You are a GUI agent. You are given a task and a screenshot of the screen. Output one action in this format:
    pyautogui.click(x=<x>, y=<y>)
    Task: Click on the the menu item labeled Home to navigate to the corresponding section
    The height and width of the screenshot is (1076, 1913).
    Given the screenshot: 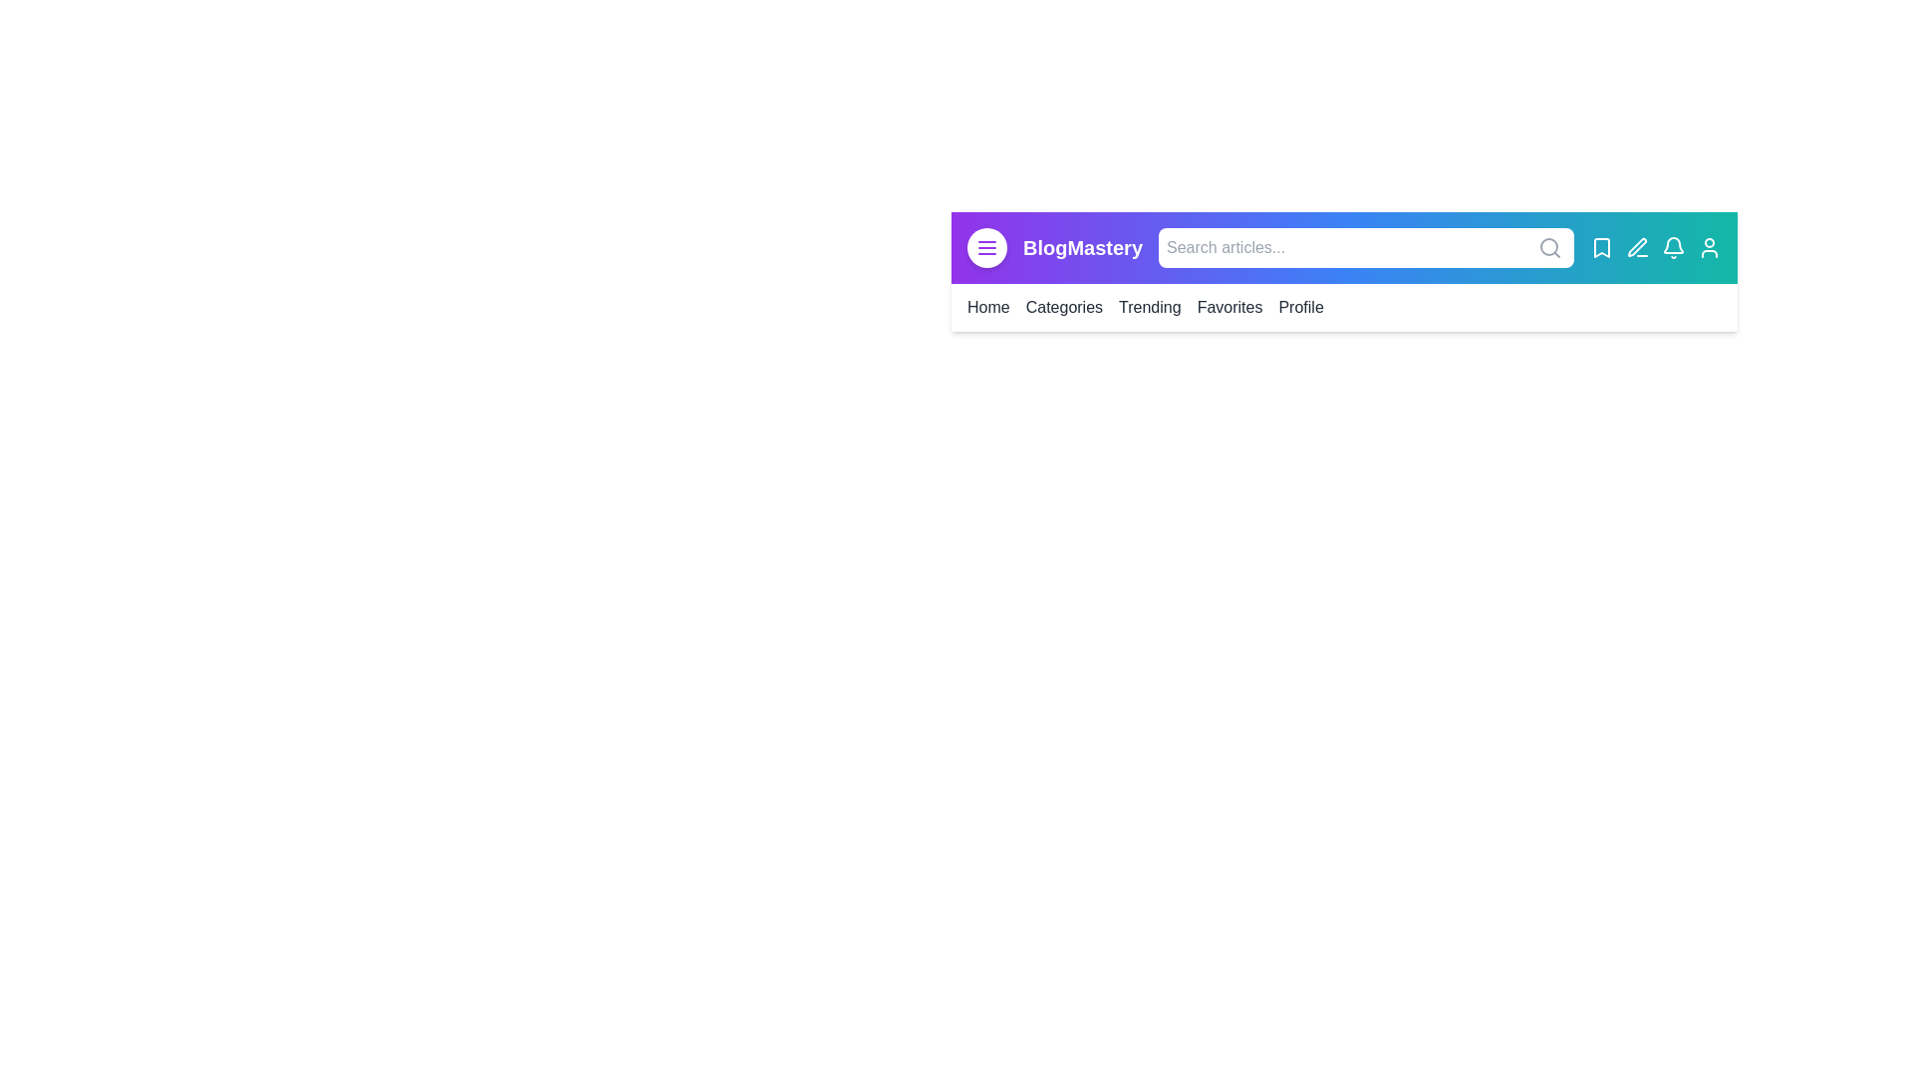 What is the action you would take?
    pyautogui.click(x=988, y=307)
    